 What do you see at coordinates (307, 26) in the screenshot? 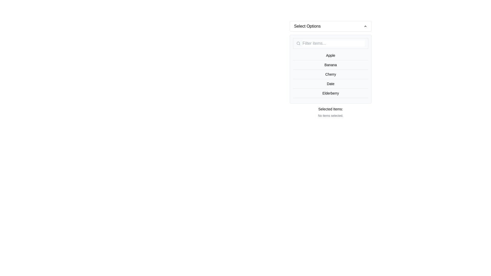
I see `the 'Select Options' text label within the dropdown header by moving the cursor to its center point` at bounding box center [307, 26].